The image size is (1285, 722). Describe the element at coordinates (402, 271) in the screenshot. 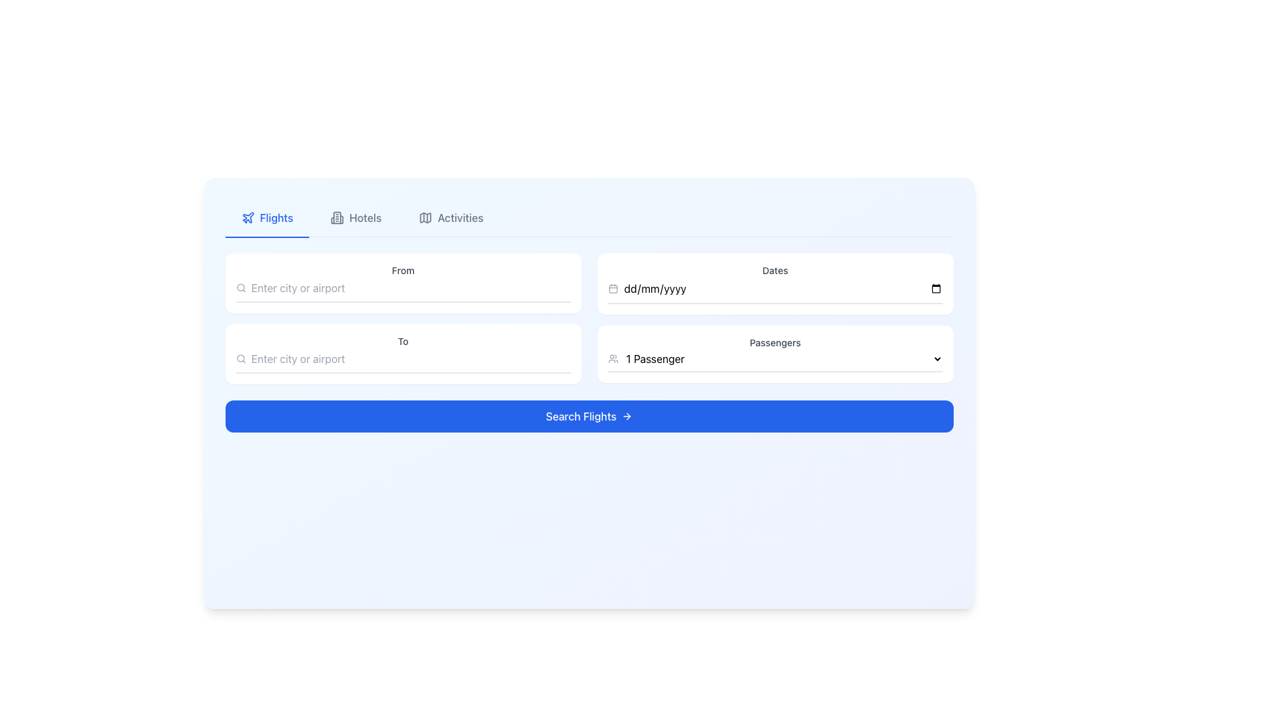

I see `the text label element that indicates the purpose of the input field for entering a departure location, positioned above the search input field` at that location.